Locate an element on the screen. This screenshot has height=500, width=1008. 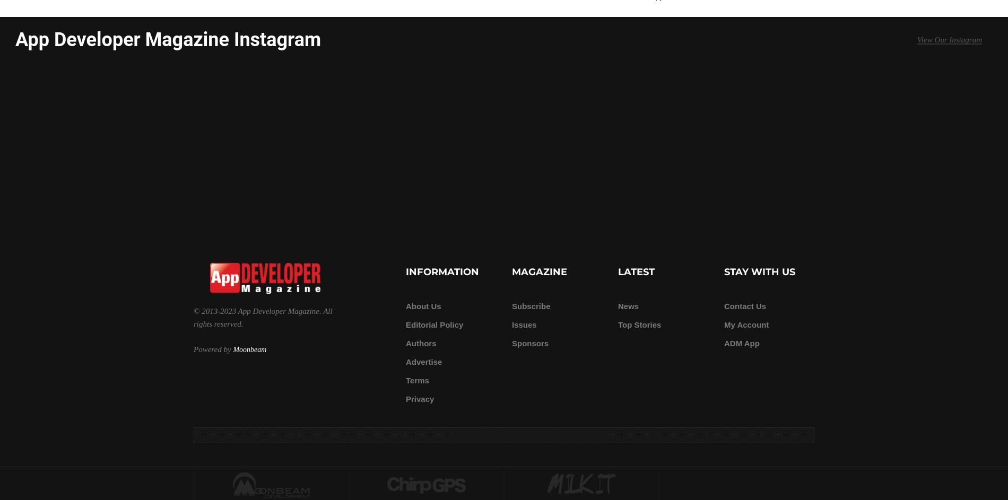
'about us' is located at coordinates (423, 305).